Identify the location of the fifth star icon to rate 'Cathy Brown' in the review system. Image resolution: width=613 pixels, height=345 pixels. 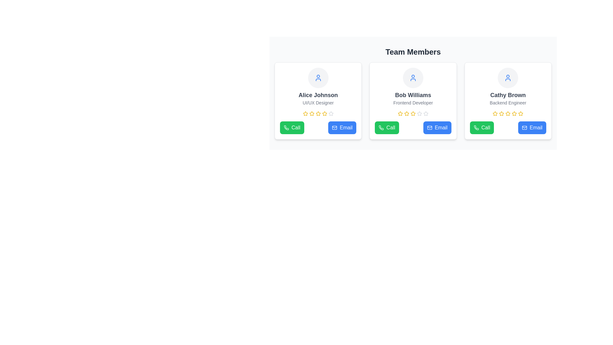
(521, 113).